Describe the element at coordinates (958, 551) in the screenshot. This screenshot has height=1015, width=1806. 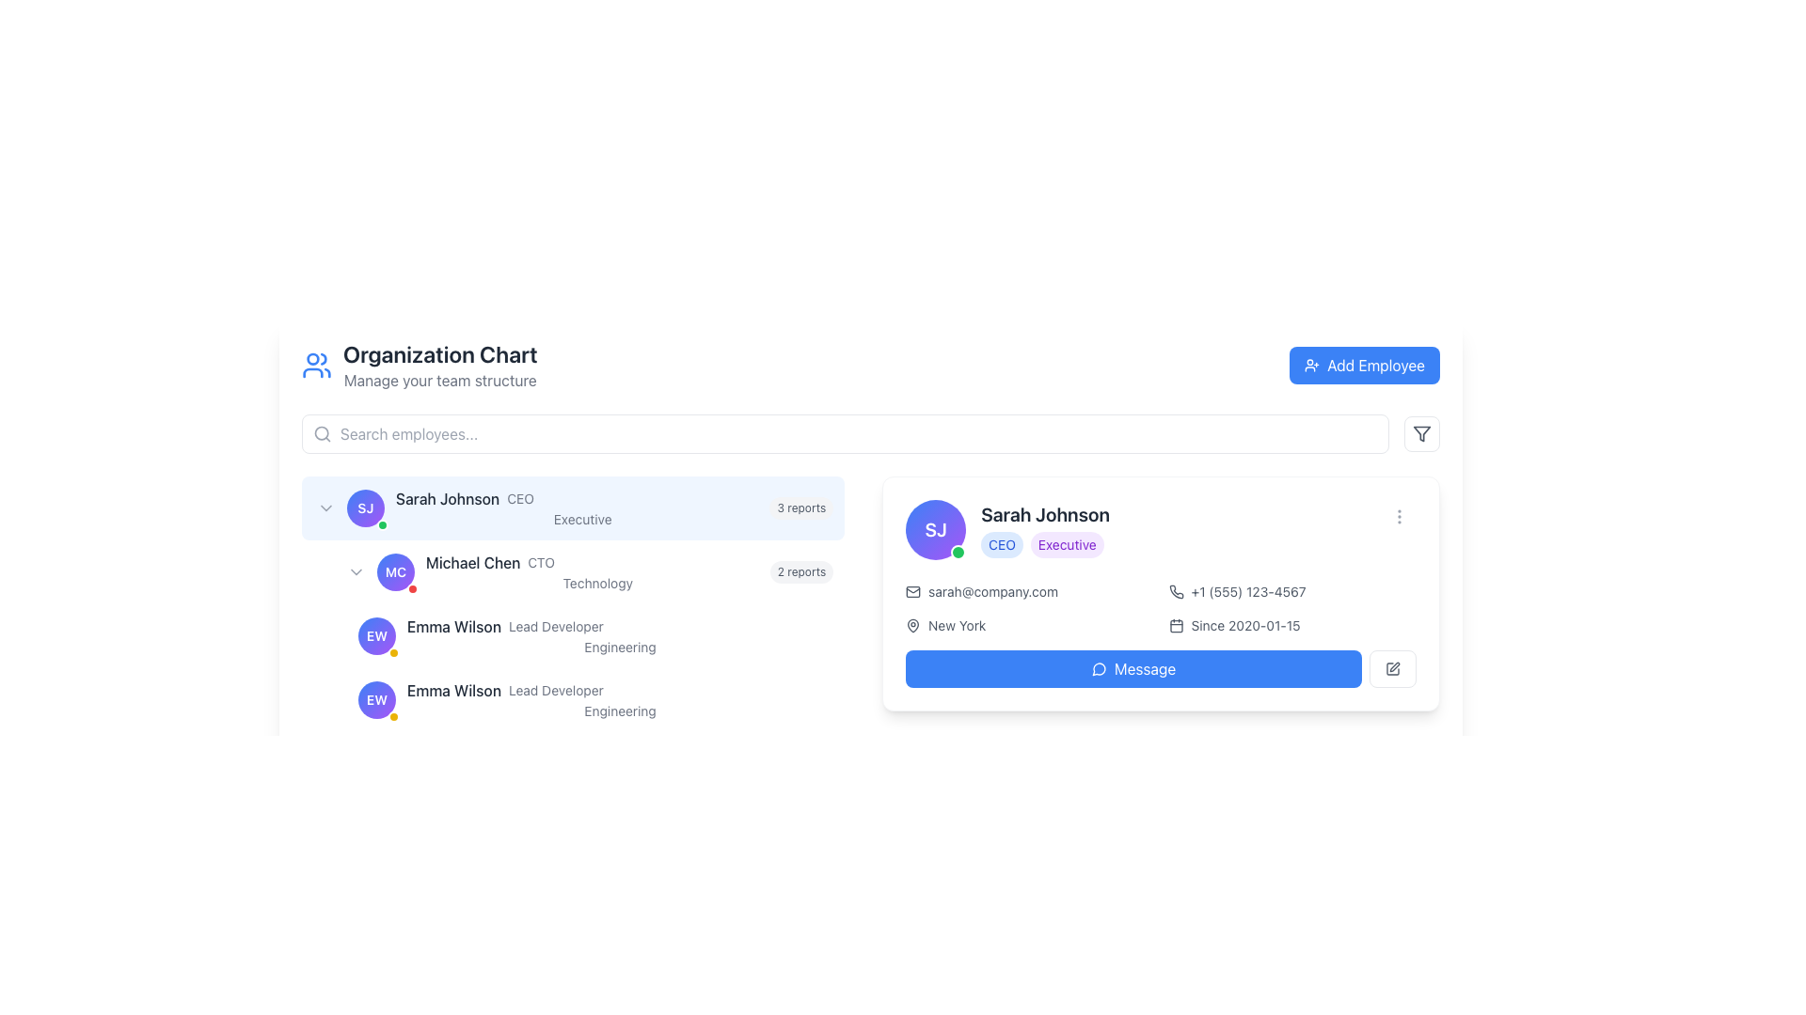
I see `the Status Indicator for the 'SJ' profile` at that location.